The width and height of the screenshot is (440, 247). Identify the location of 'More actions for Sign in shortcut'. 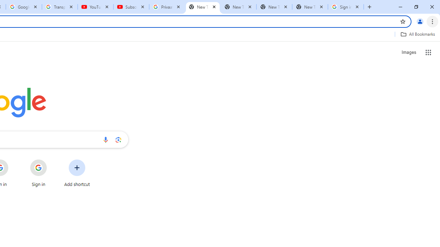
(52, 160).